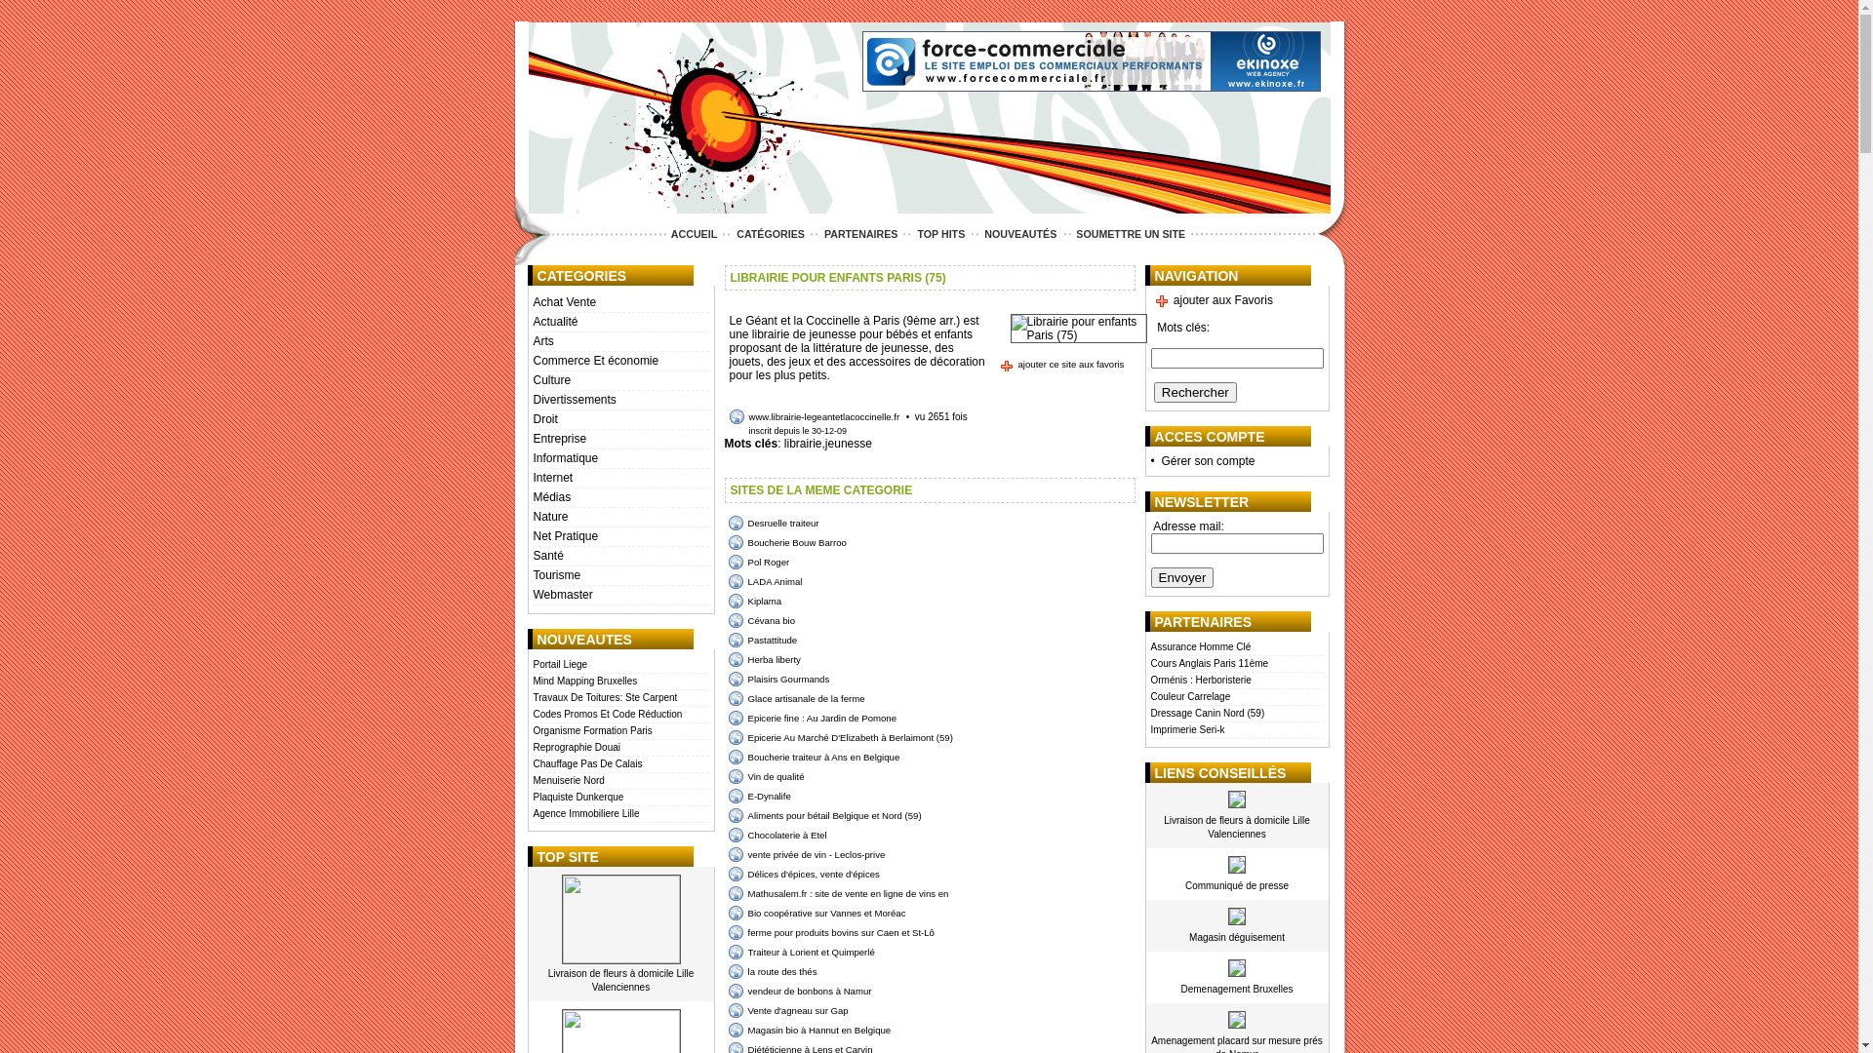  I want to click on 'Tourisme', so click(618, 574).